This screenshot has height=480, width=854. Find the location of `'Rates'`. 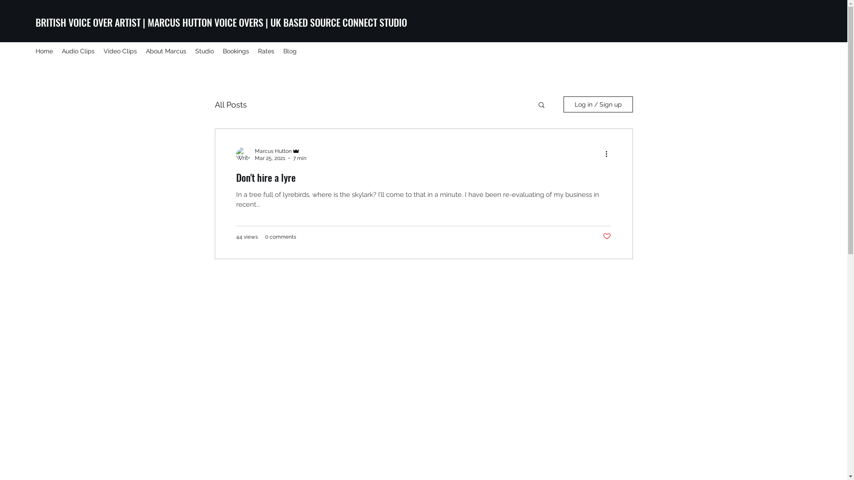

'Rates' is located at coordinates (266, 51).